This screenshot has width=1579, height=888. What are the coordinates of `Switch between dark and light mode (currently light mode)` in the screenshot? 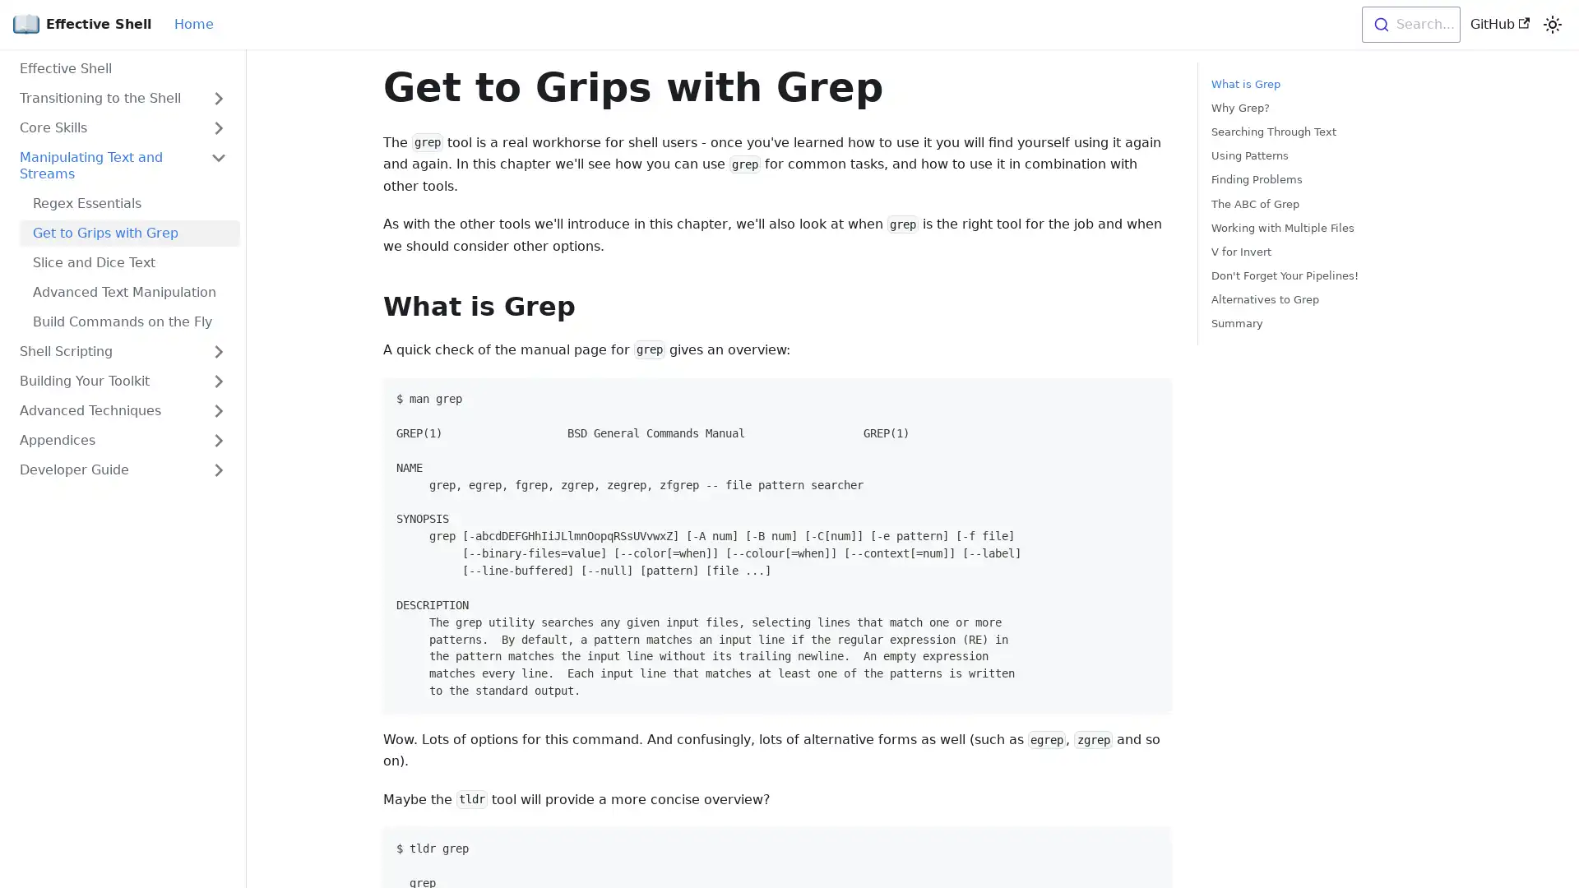 It's located at (1551, 25).